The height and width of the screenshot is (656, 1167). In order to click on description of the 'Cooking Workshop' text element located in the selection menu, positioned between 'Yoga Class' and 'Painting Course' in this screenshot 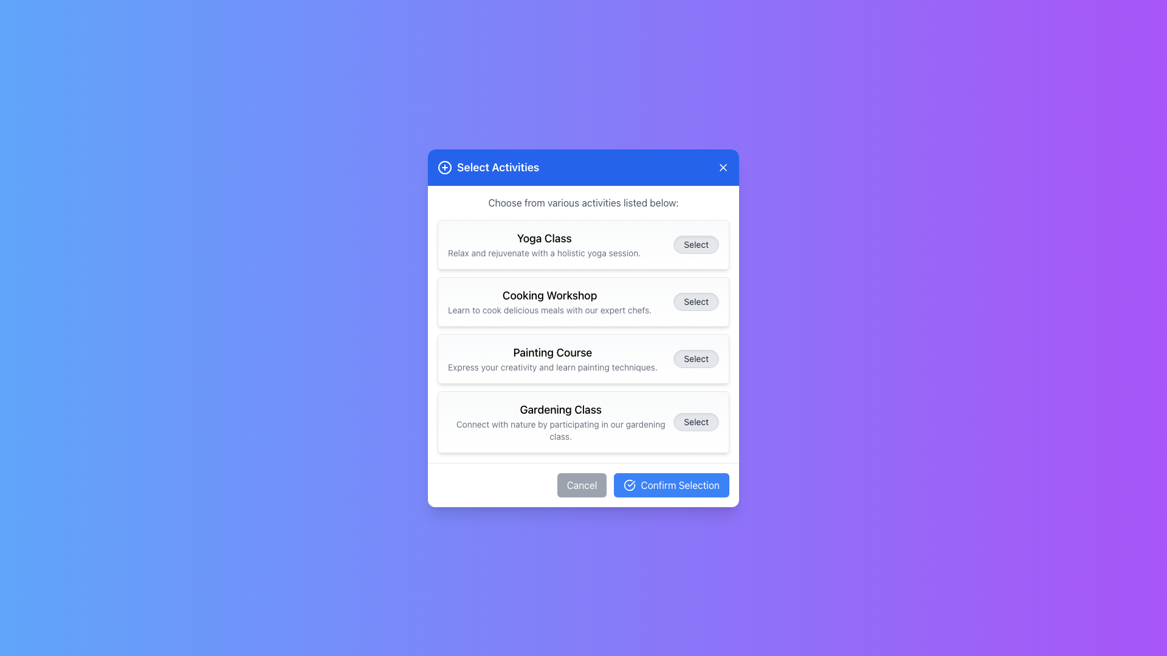, I will do `click(549, 301)`.